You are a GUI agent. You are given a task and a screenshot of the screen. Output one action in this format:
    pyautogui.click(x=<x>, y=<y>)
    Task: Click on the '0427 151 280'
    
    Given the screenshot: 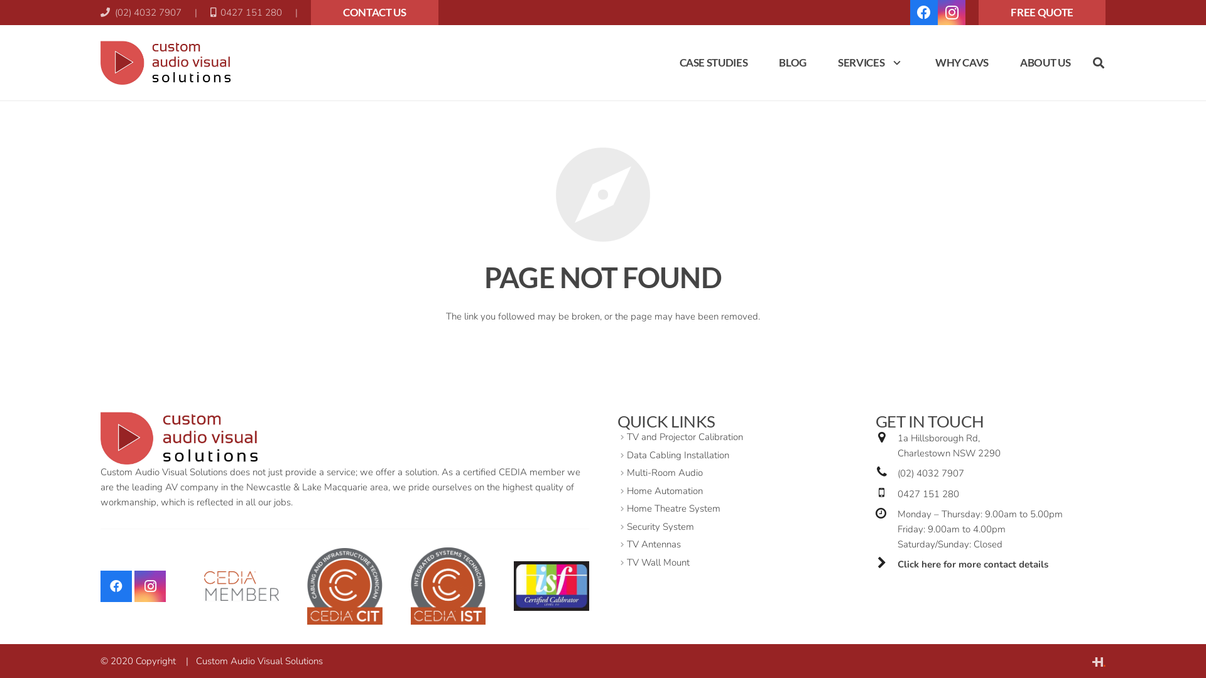 What is the action you would take?
    pyautogui.click(x=928, y=493)
    